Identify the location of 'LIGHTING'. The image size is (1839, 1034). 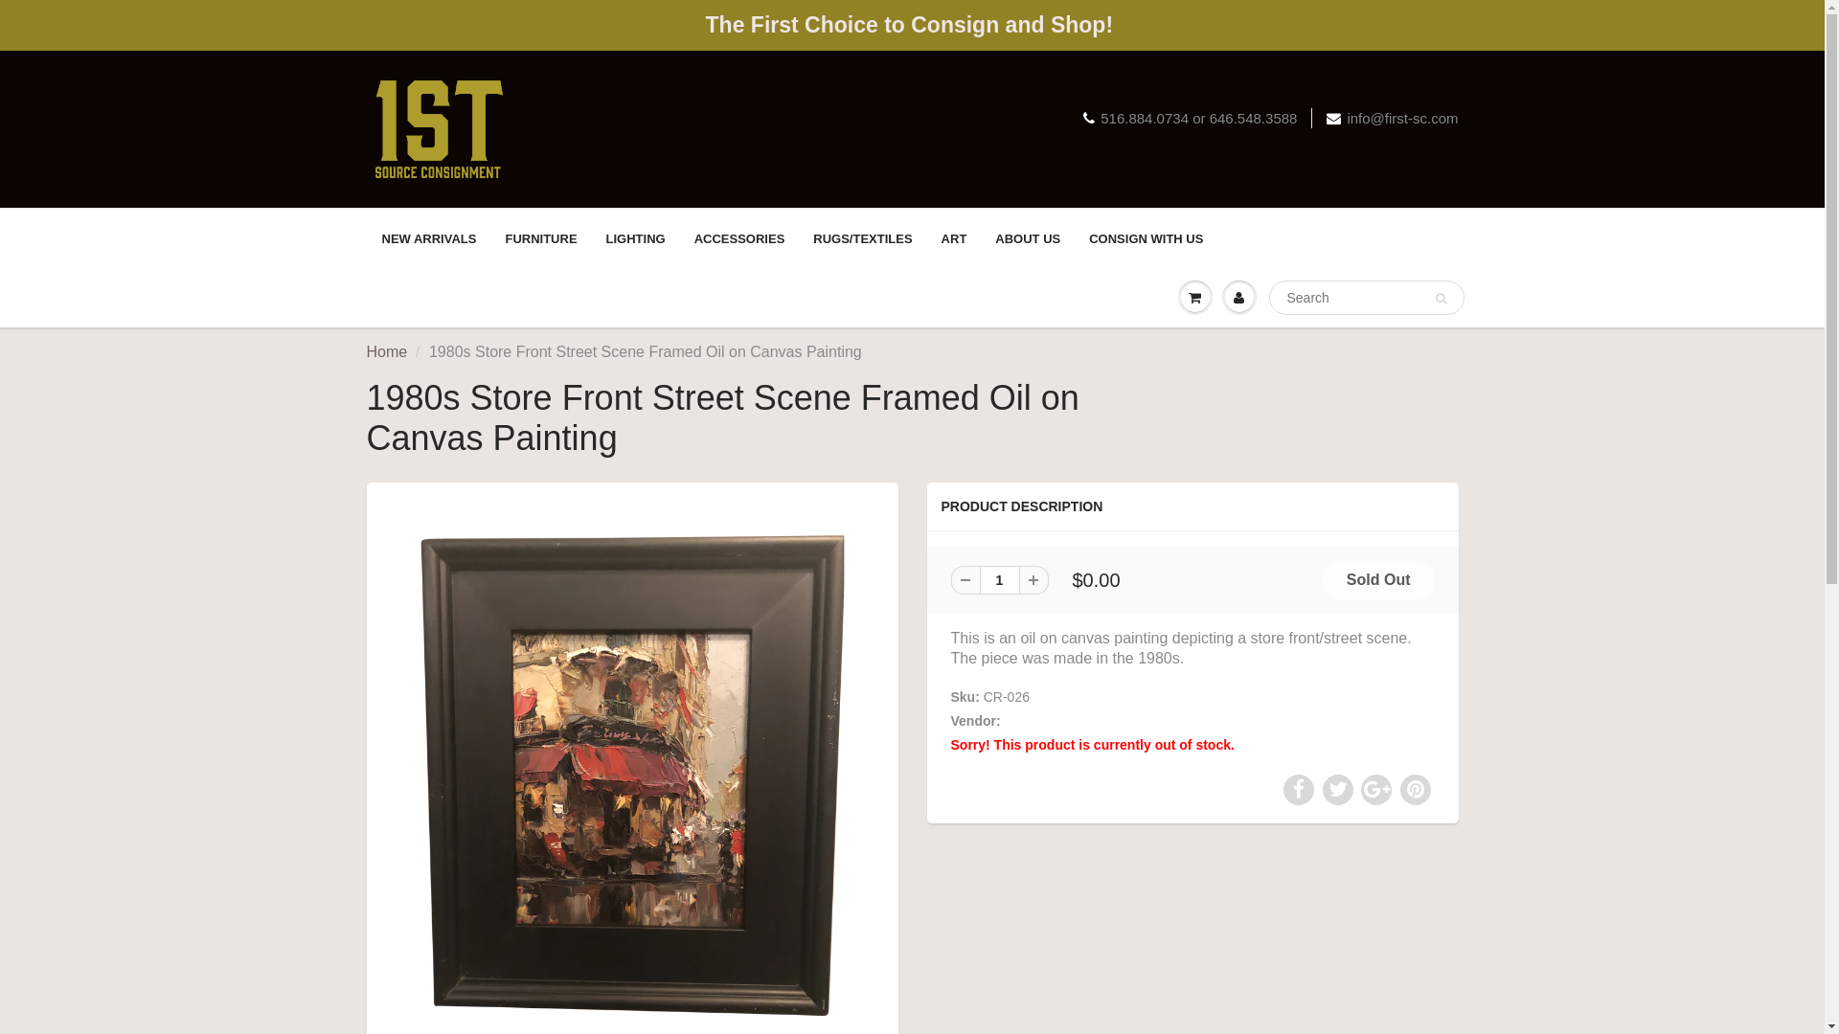
(635, 238).